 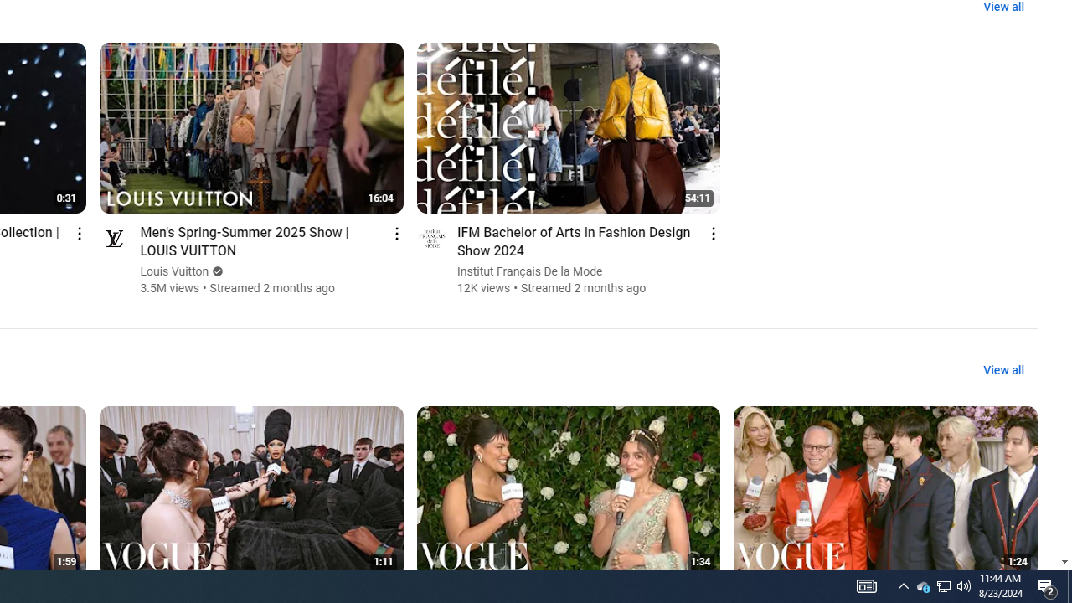 What do you see at coordinates (714, 233) in the screenshot?
I see `'Action menu'` at bounding box center [714, 233].